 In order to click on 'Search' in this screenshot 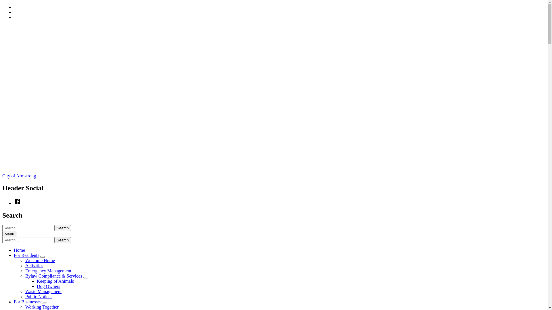, I will do `click(62, 240)`.